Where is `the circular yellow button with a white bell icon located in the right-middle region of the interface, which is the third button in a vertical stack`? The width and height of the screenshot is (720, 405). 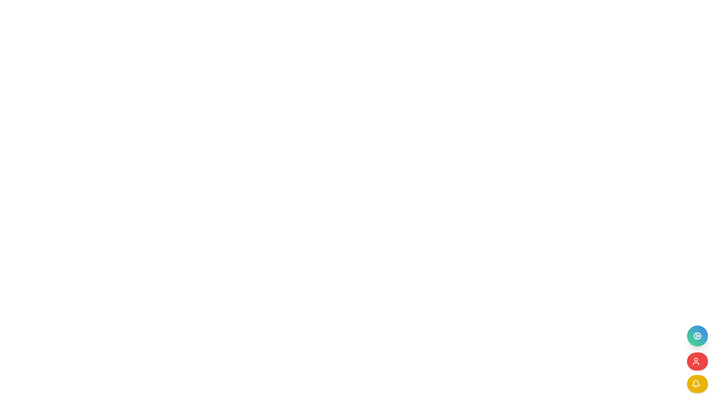
the circular yellow button with a white bell icon located in the right-middle region of the interface, which is the third button in a vertical stack is located at coordinates (697, 384).